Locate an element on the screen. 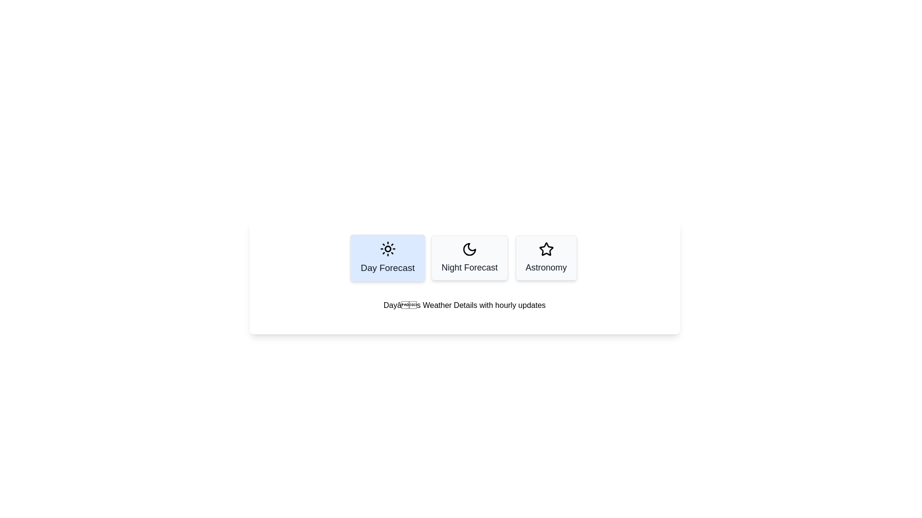 Image resolution: width=922 pixels, height=518 pixels. the Astronomy tab by clicking on its button is located at coordinates (546, 257).